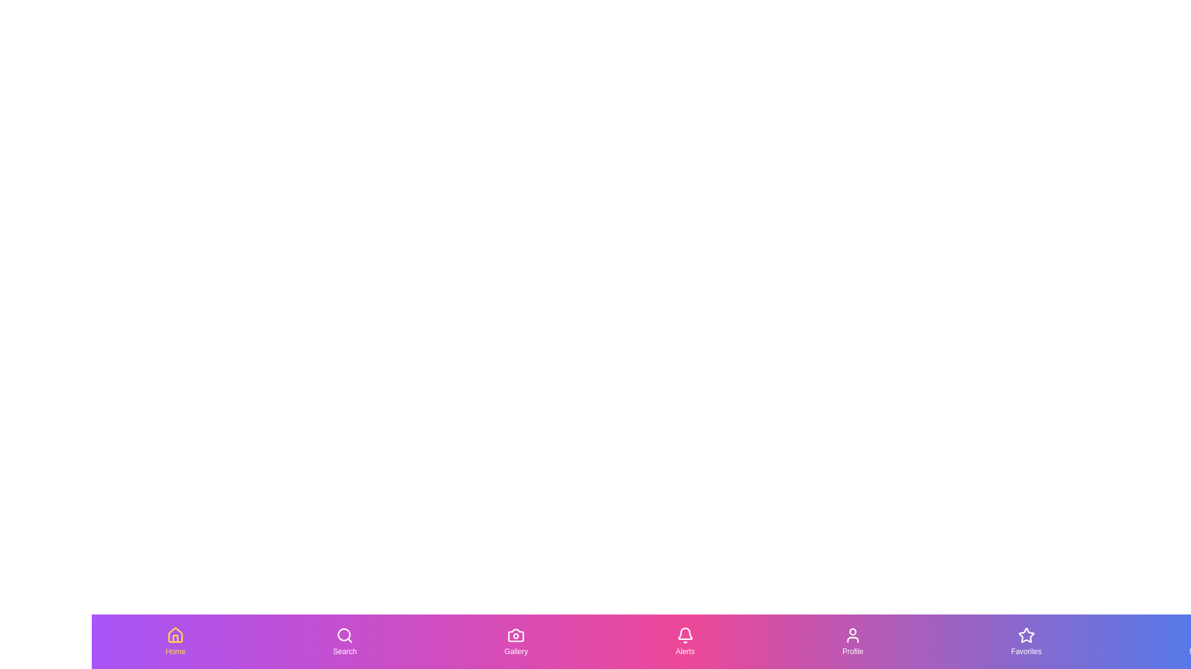  I want to click on the Alerts icon in the bottom navigation bar, so click(684, 641).